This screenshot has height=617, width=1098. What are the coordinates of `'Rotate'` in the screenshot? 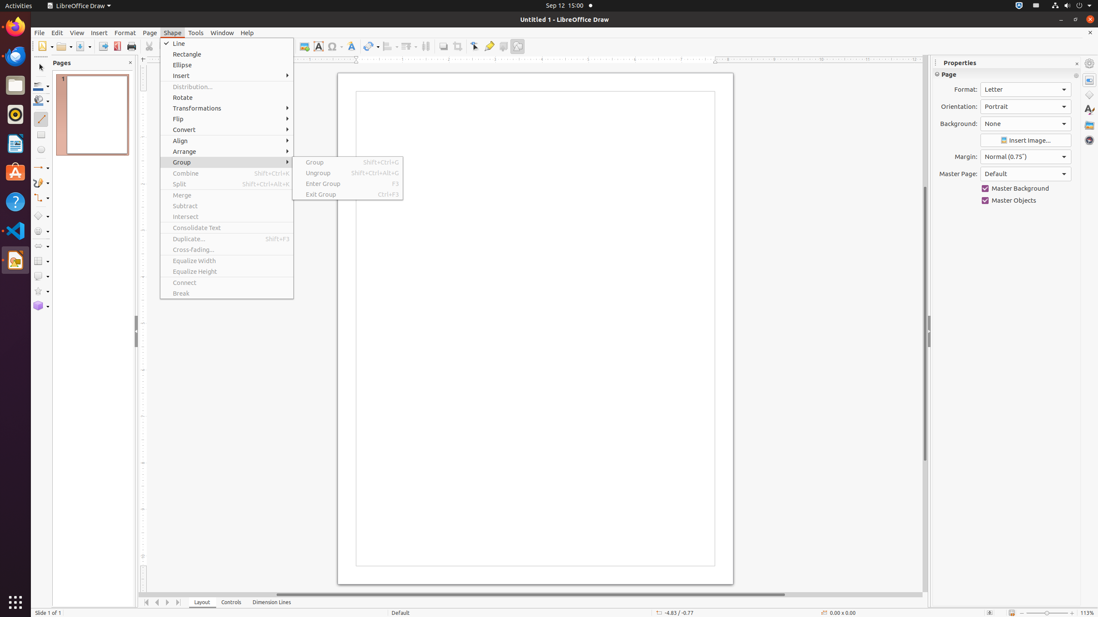 It's located at (226, 97).